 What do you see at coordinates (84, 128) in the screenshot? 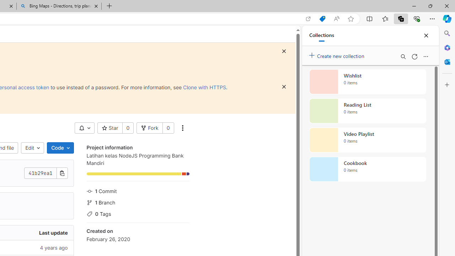
I see `'AutomationID: __BVID__372__BV_toggle_'` at bounding box center [84, 128].